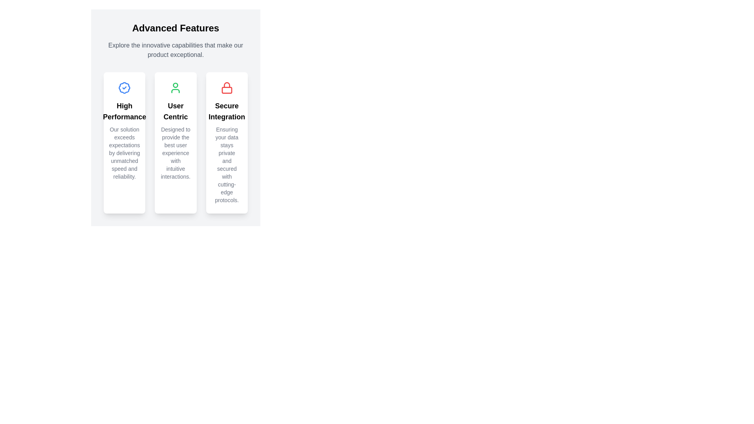 This screenshot has width=754, height=424. I want to click on the 'Secure Integration' lock icon located in the third column below the 'Advanced Features' heading, so click(226, 85).